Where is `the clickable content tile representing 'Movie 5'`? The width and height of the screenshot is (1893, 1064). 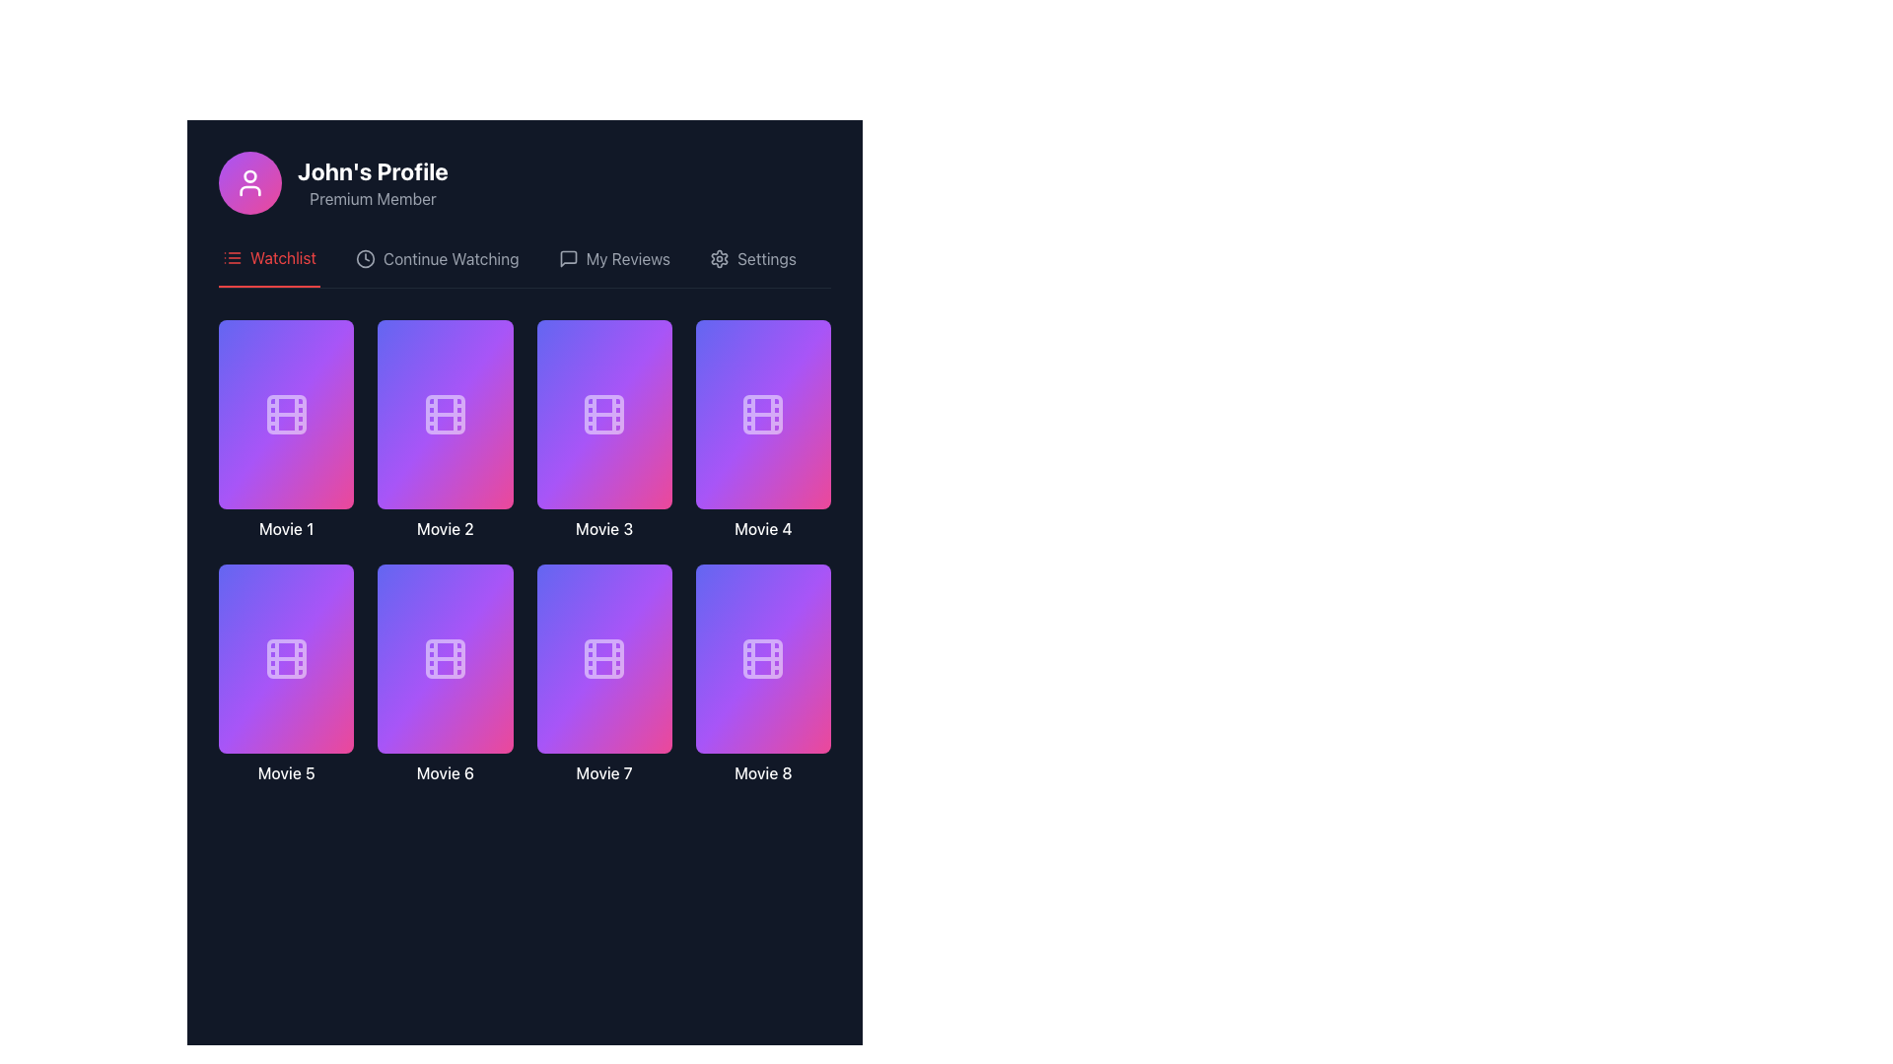 the clickable content tile representing 'Movie 5' is located at coordinates (285, 674).